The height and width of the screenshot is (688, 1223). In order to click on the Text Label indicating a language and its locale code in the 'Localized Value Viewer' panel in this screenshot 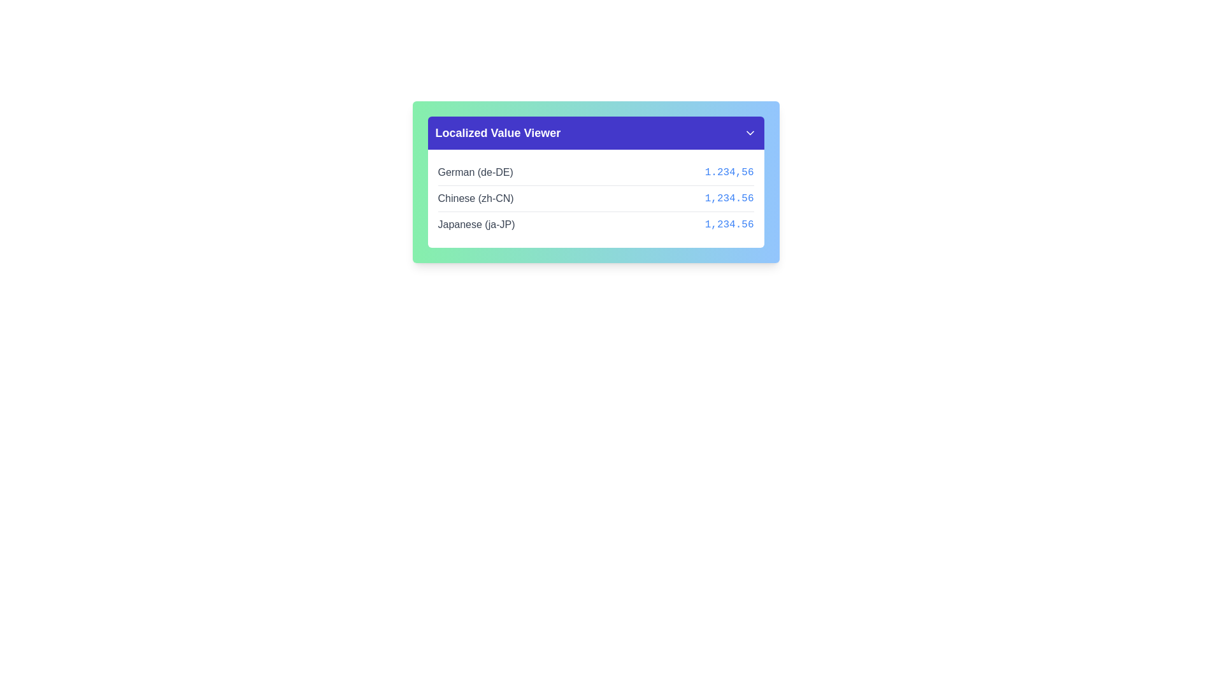, I will do `click(475, 199)`.